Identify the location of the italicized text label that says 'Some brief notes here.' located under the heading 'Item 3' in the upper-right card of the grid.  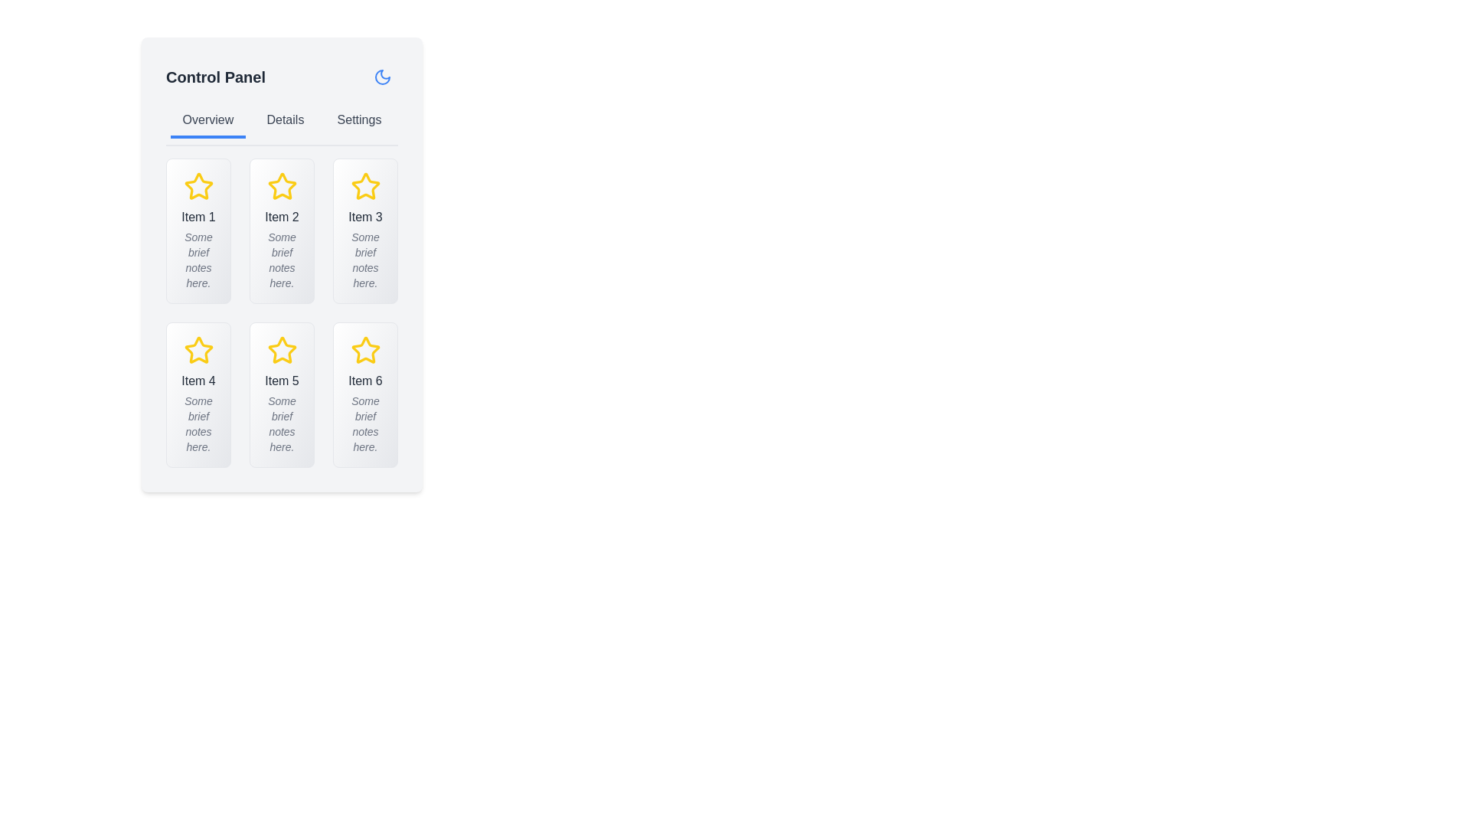
(364, 259).